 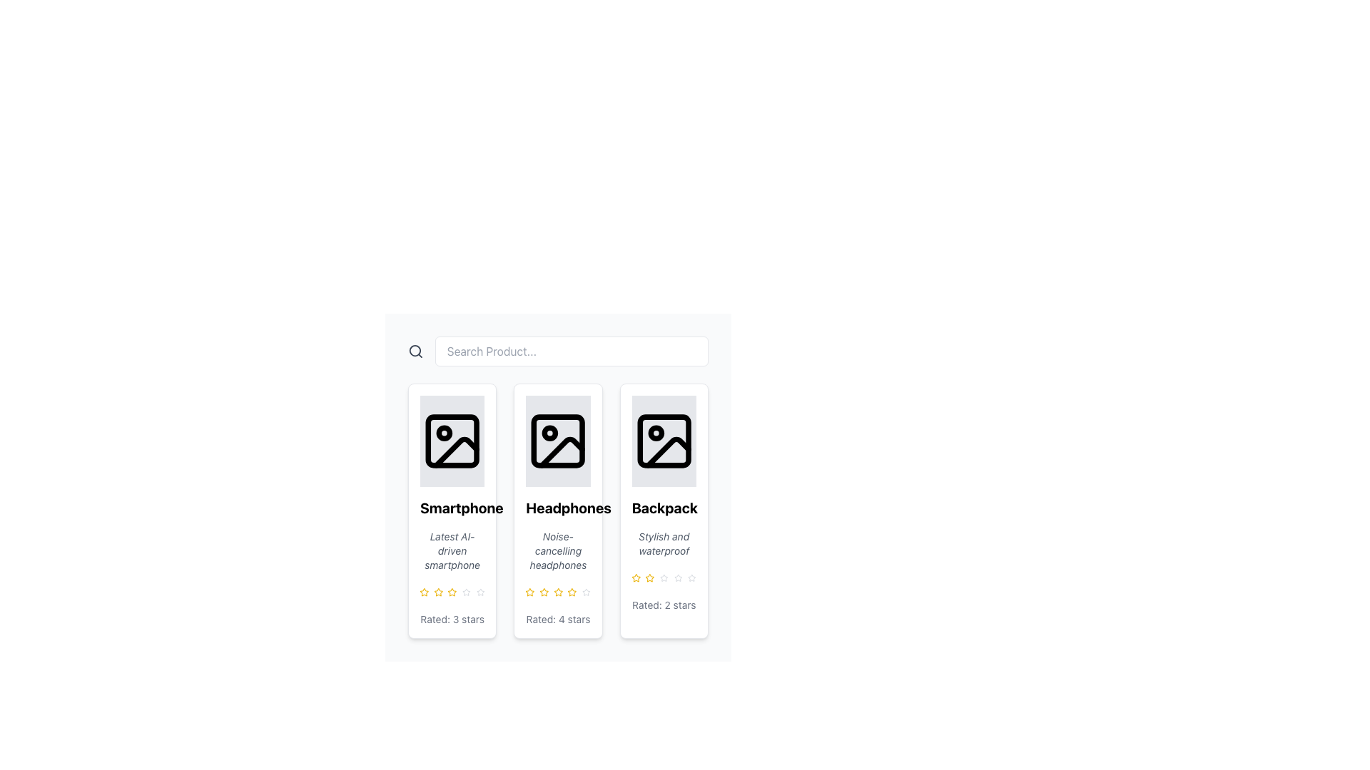 What do you see at coordinates (663, 605) in the screenshot?
I see `the text label displaying 'Rated: 2 stars' located at the bottom of the product card for the item 'Backpack'` at bounding box center [663, 605].